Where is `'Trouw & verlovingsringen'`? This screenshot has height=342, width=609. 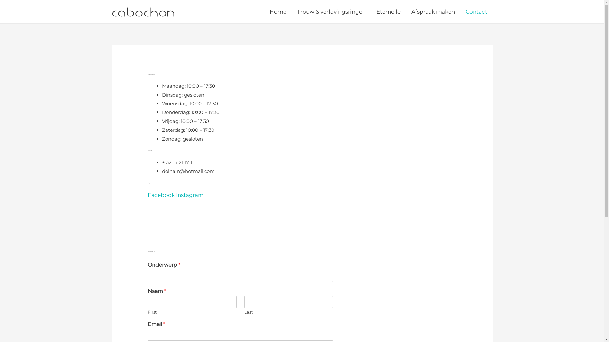 'Trouw & verlovingsringen' is located at coordinates (331, 12).